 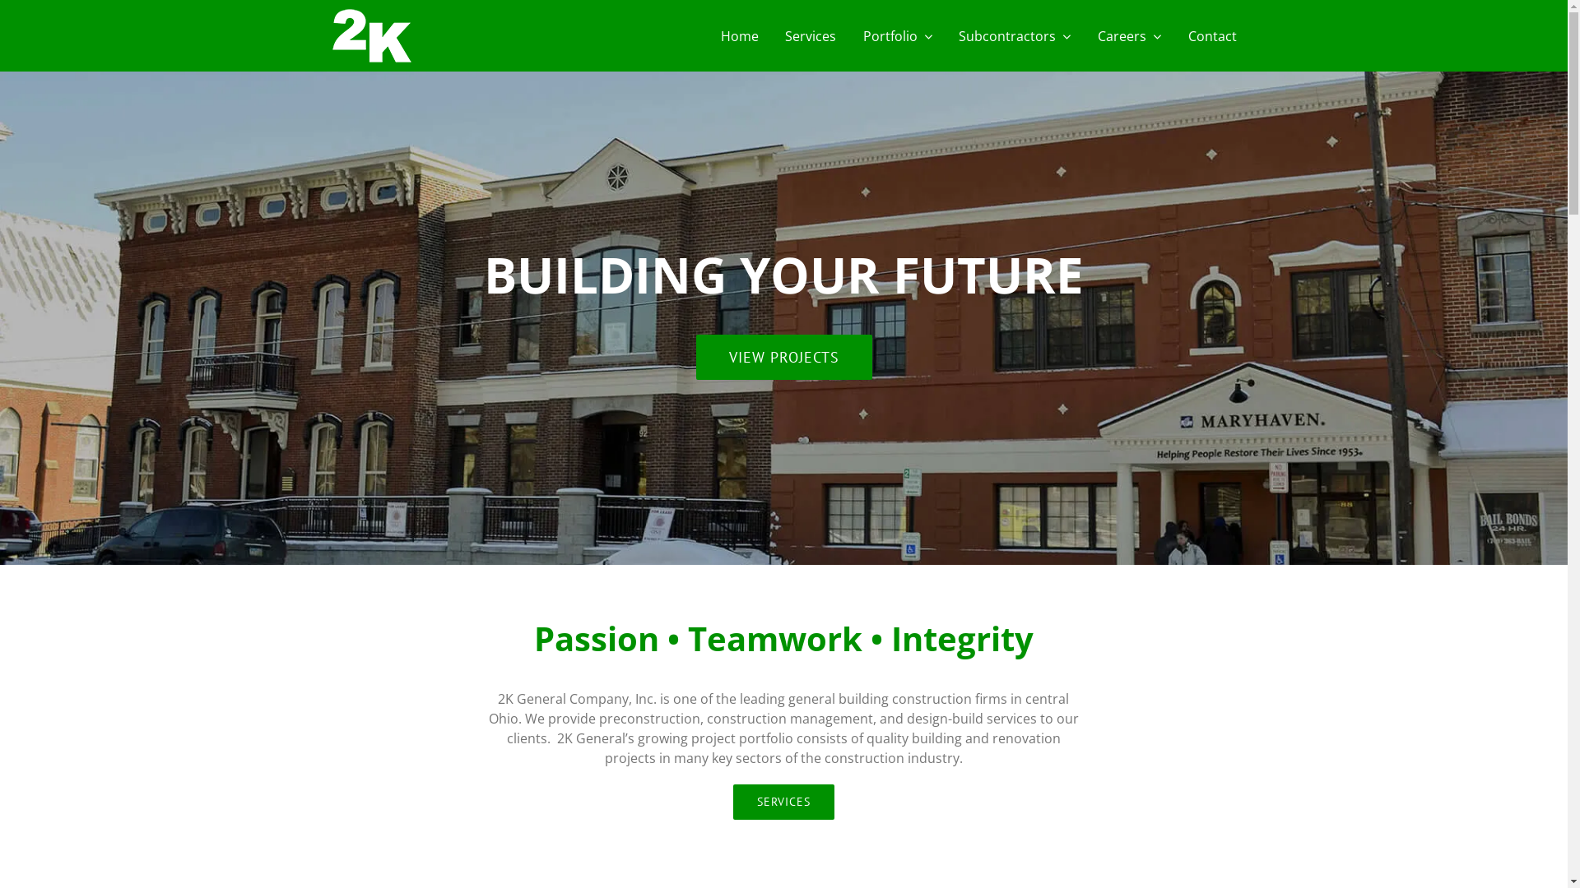 I want to click on 'SERVICES', so click(x=732, y=801).